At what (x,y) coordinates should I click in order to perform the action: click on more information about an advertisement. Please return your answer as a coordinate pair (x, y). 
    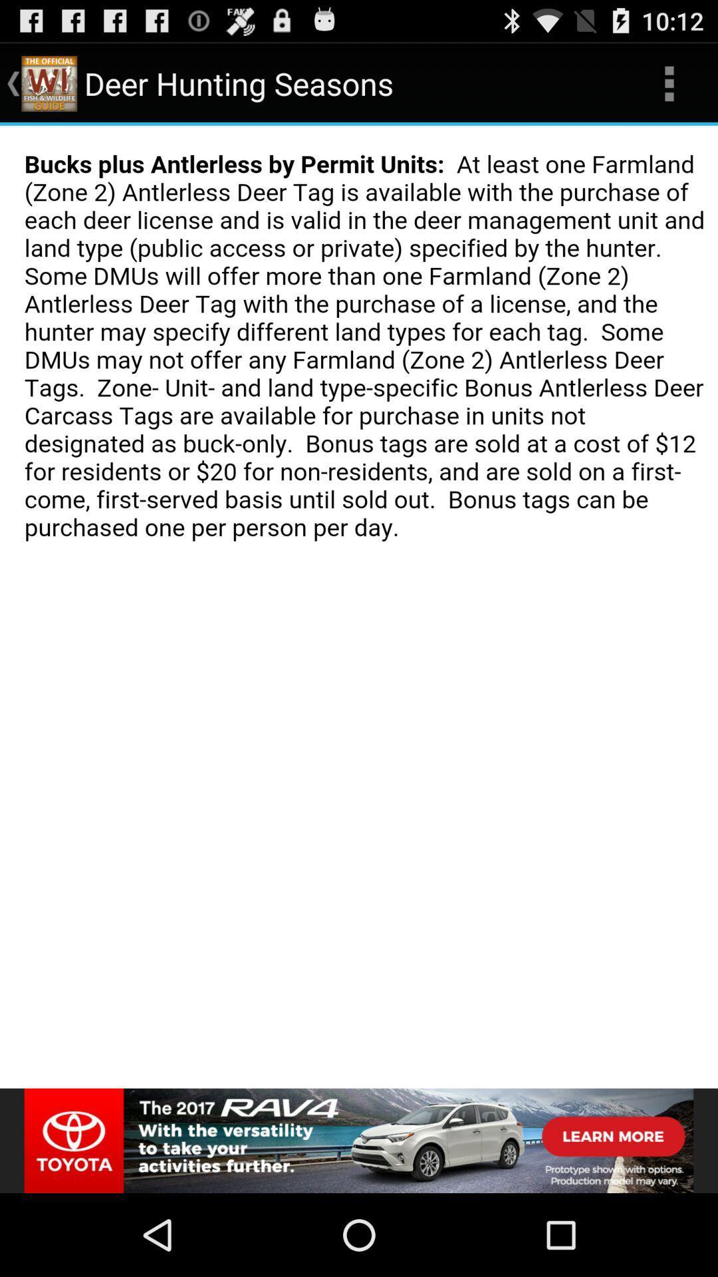
    Looking at the image, I should click on (359, 1140).